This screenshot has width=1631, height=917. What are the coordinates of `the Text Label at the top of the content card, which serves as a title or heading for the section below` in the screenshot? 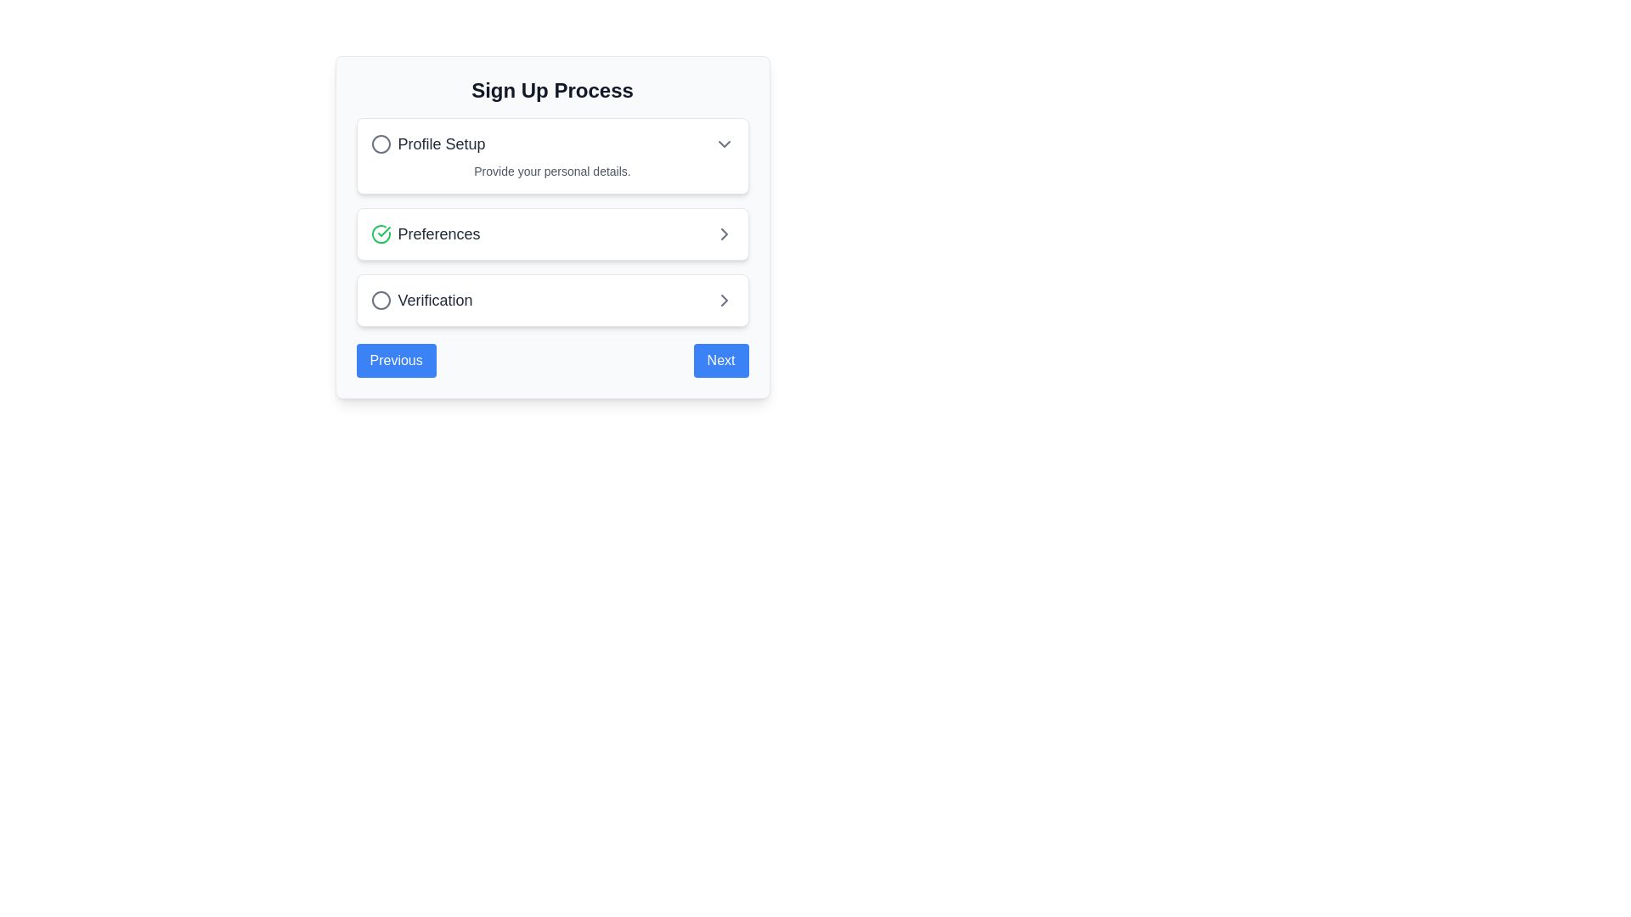 It's located at (552, 91).